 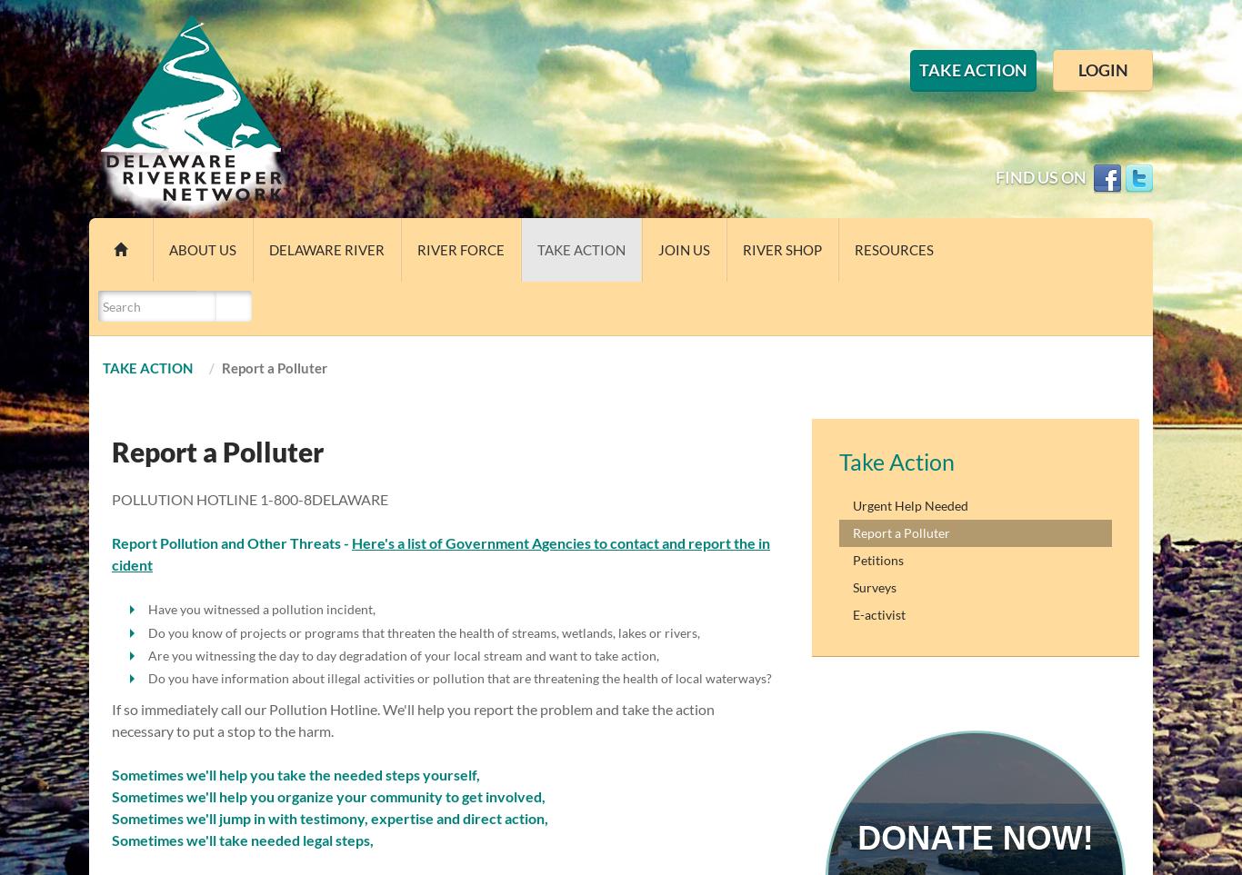 I want to click on 'Sometimes we'll help you organize your community to get involved,', so click(x=327, y=795).